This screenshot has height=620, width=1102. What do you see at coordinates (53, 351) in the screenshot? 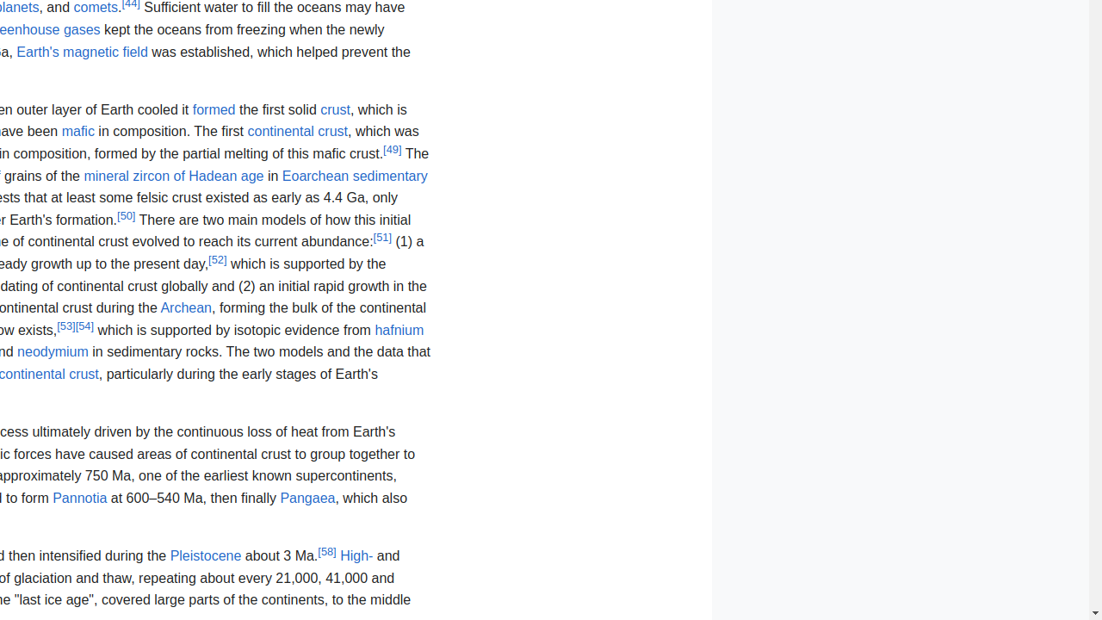
I see `'neodymium'` at bounding box center [53, 351].